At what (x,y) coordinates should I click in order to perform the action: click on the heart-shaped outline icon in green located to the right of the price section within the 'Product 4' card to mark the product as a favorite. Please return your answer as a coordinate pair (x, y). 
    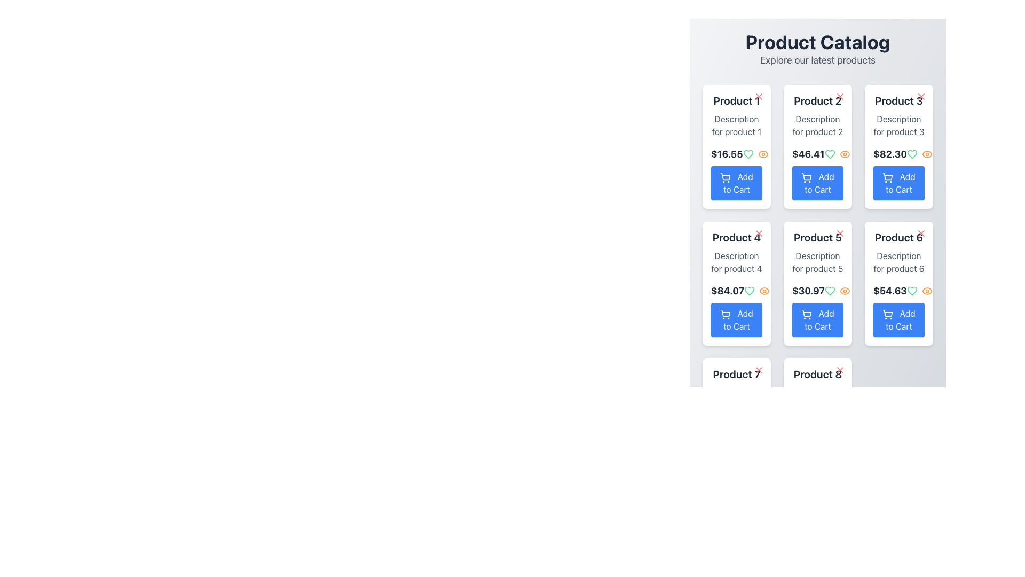
    Looking at the image, I should click on (749, 291).